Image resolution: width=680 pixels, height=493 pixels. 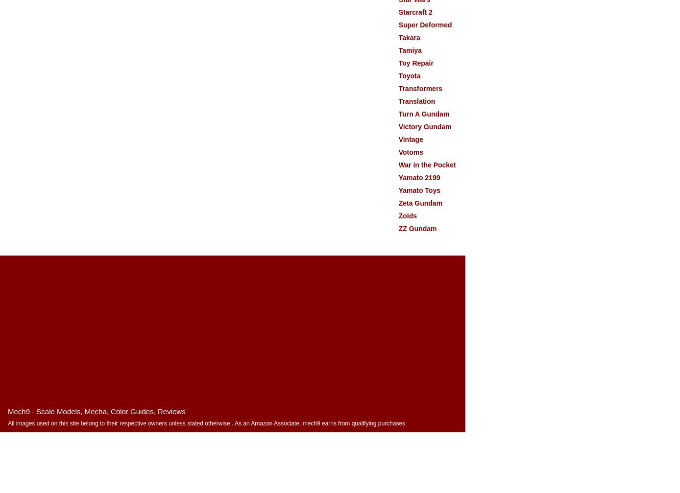 What do you see at coordinates (206, 423) in the screenshot?
I see `'All images used on this site belong to their respective owners unless stated otherwise .  As an Amazon Associate, mech9 earns from qualifying purchases'` at bounding box center [206, 423].